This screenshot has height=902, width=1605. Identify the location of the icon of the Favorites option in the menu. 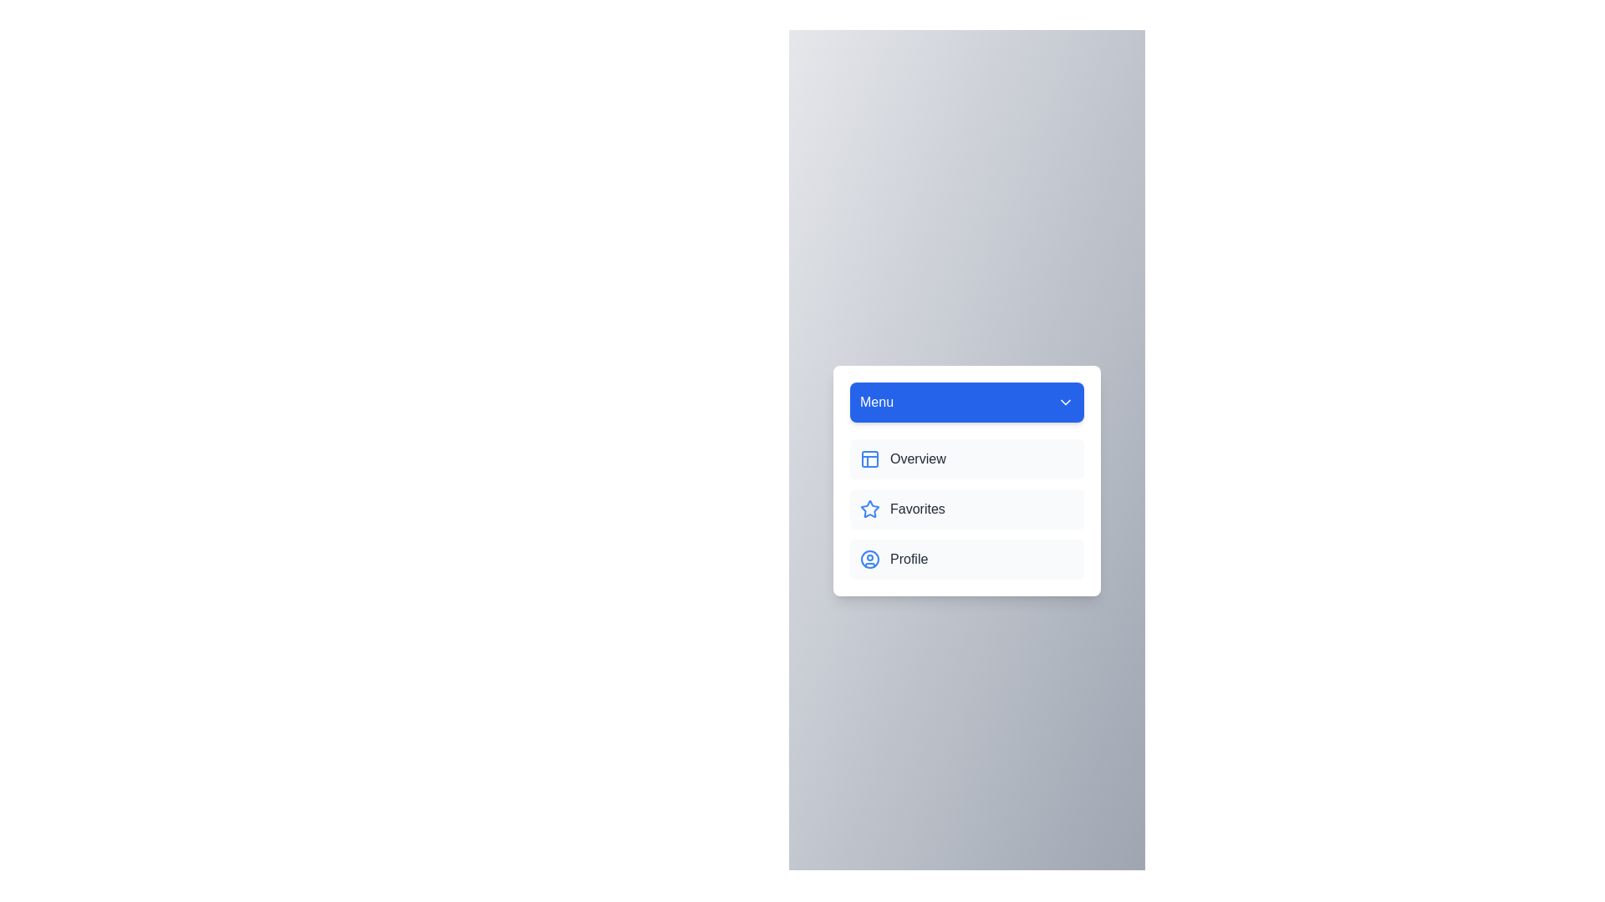
(869, 508).